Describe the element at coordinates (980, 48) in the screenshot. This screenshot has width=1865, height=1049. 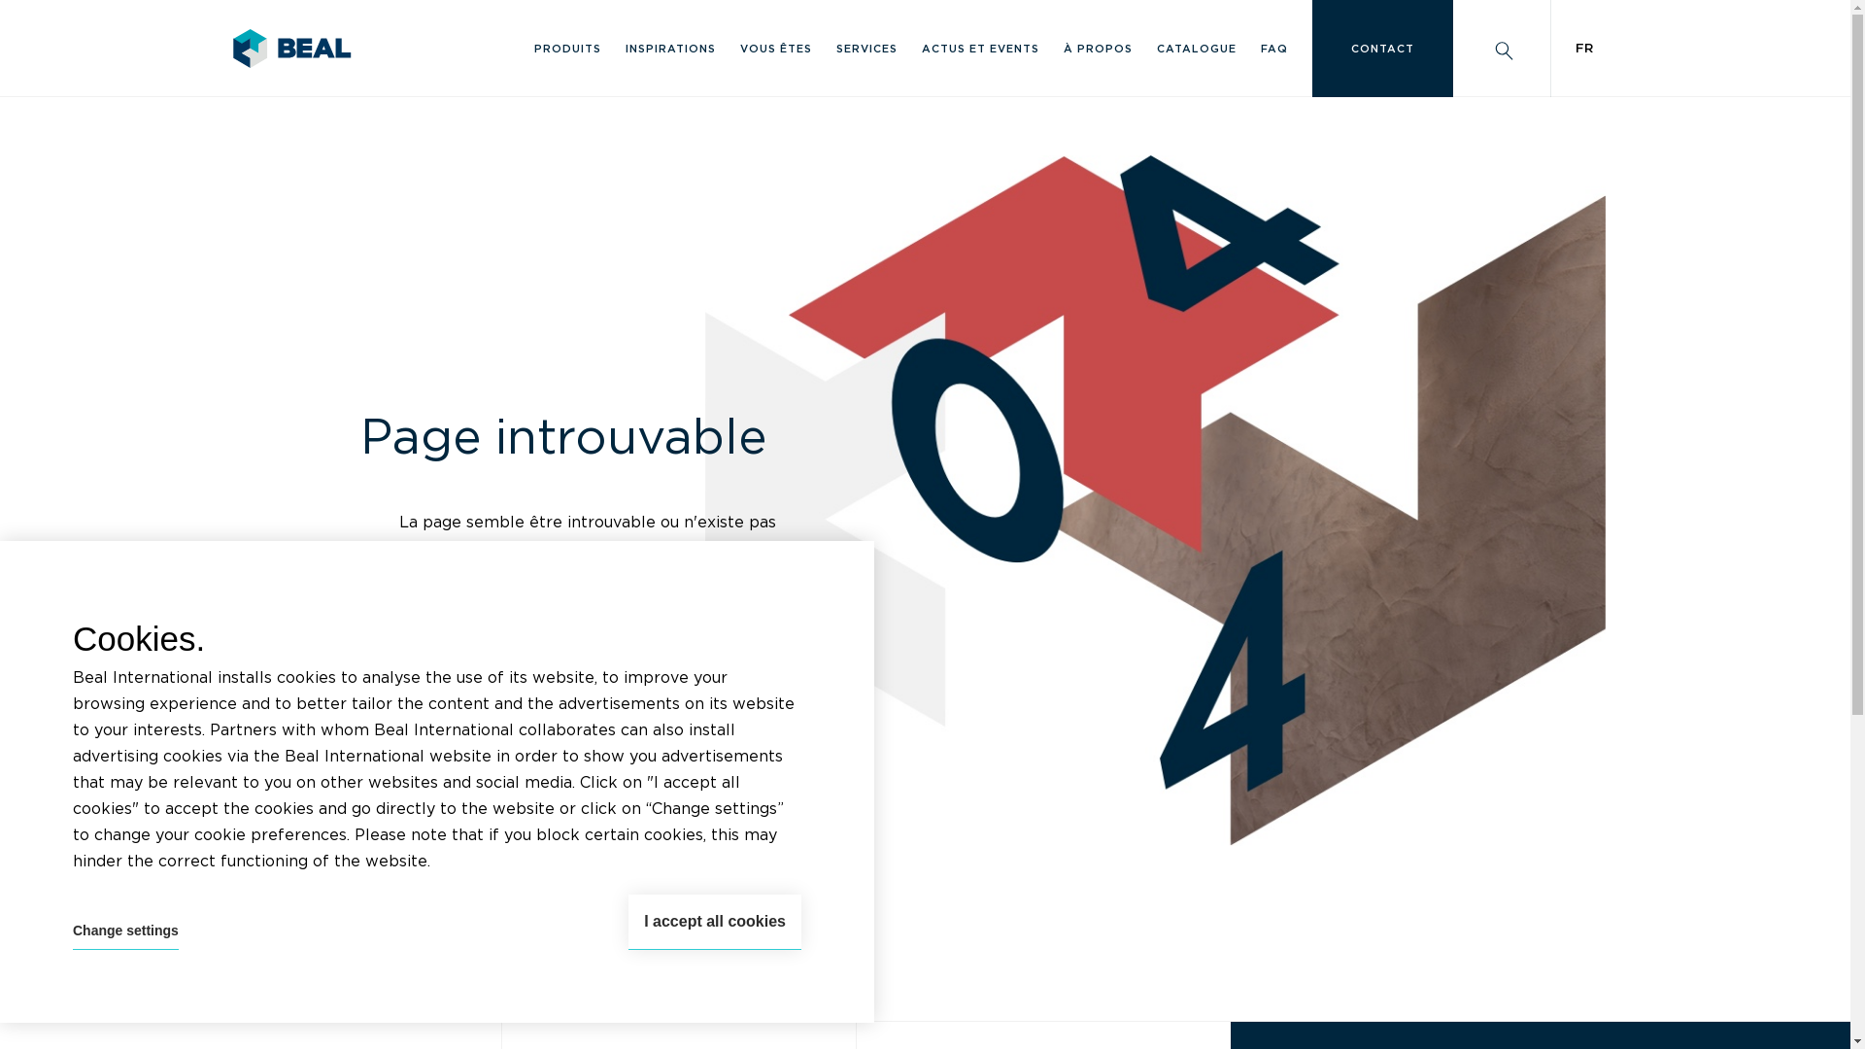
I see `'ACTUS ET EVENTS'` at that location.